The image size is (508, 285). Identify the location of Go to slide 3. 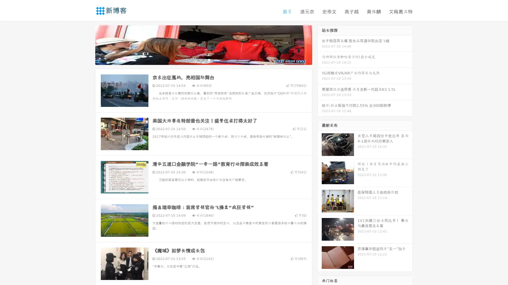
(209, 59).